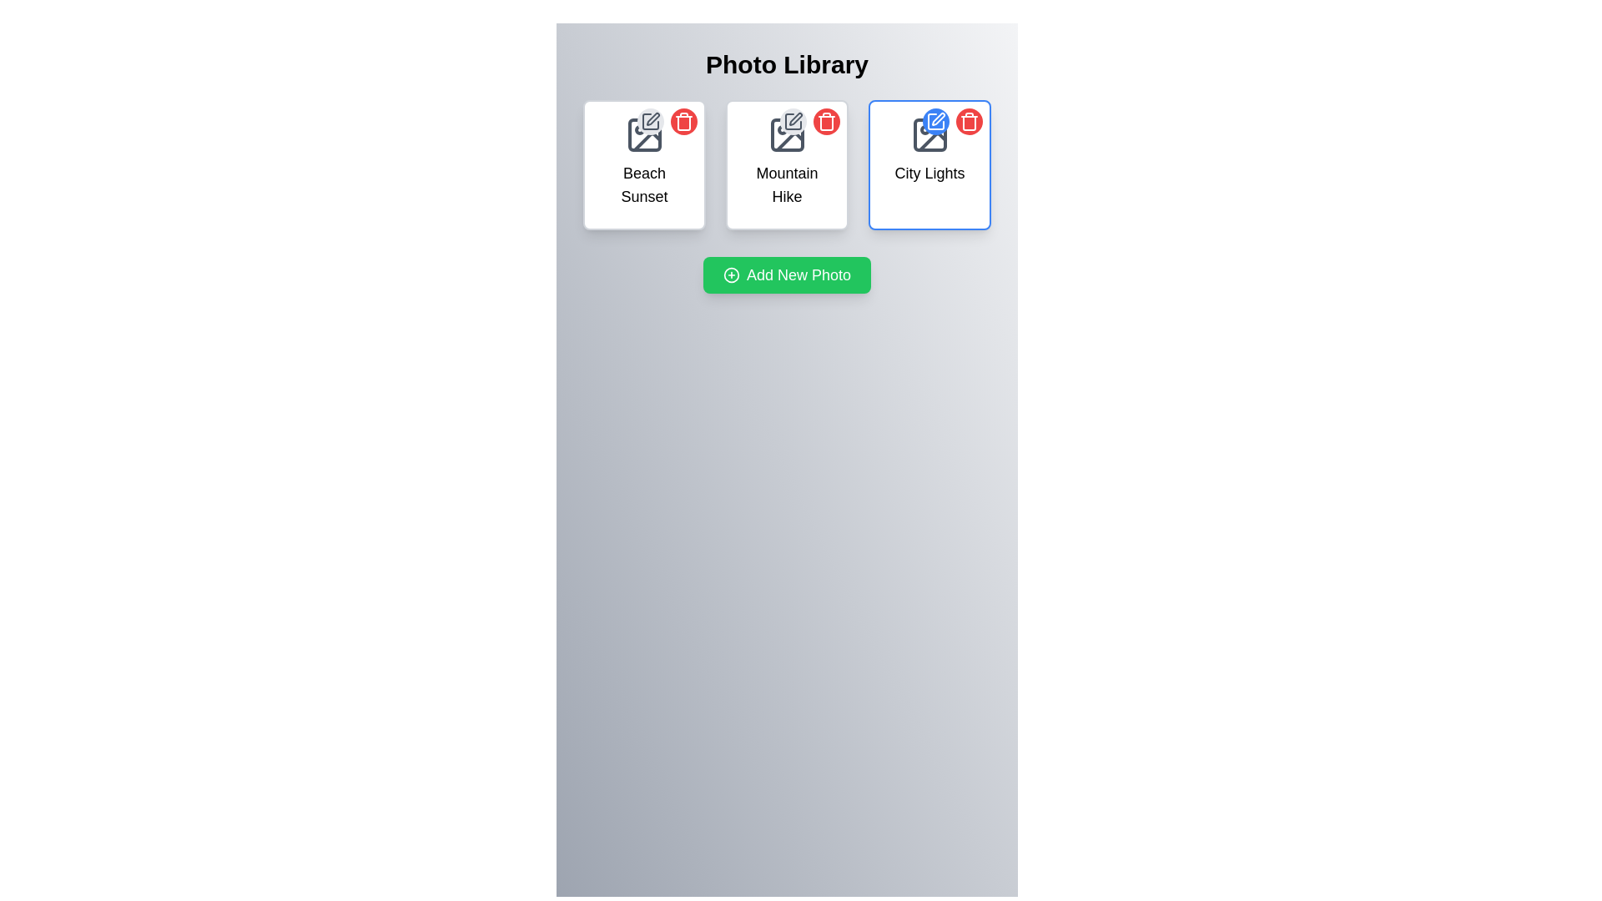 The image size is (1602, 901). I want to click on the decorative photo card icon in the top-left corner of the 'Beach Sunset' card within the 'Photo Library', so click(643, 134).